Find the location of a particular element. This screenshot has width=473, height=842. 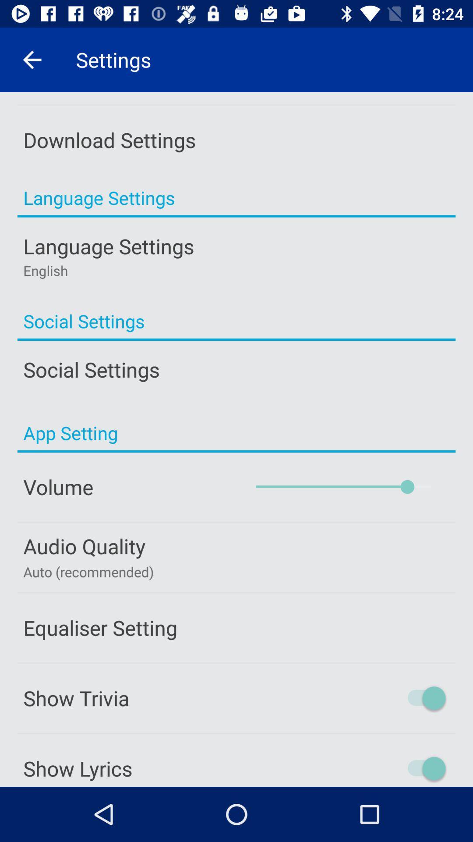

the button below equaliser setting is located at coordinates (236, 698).